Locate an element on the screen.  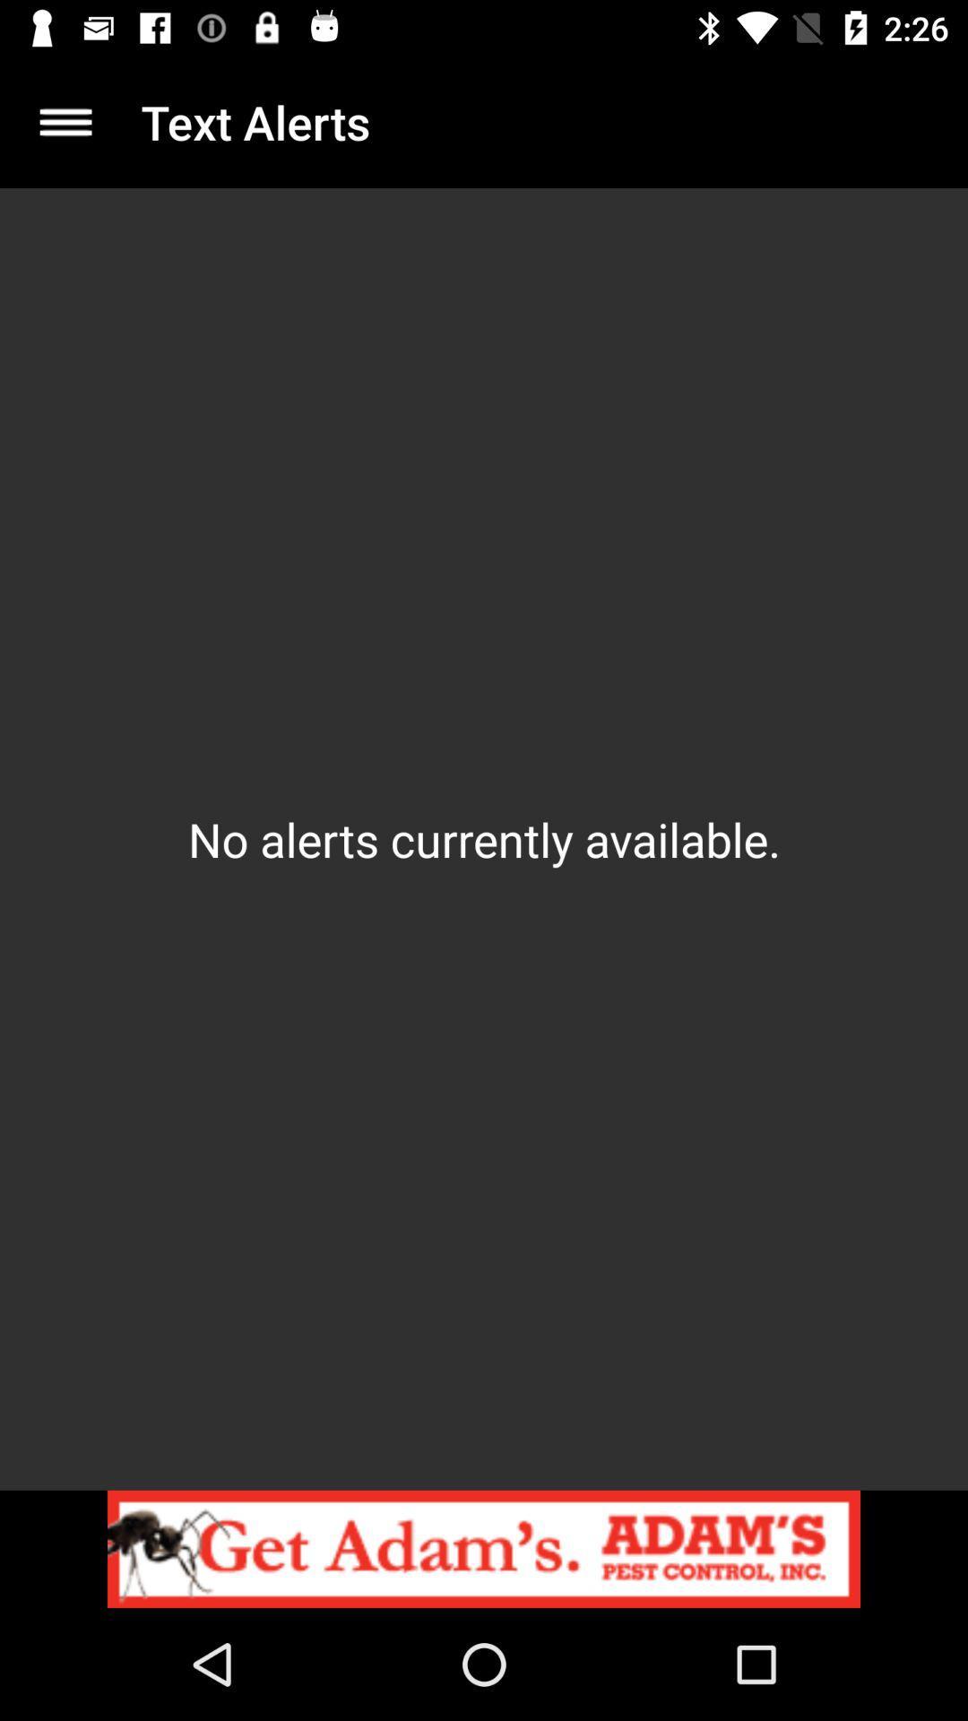
the icon below the no alerts currently icon is located at coordinates (484, 1548).